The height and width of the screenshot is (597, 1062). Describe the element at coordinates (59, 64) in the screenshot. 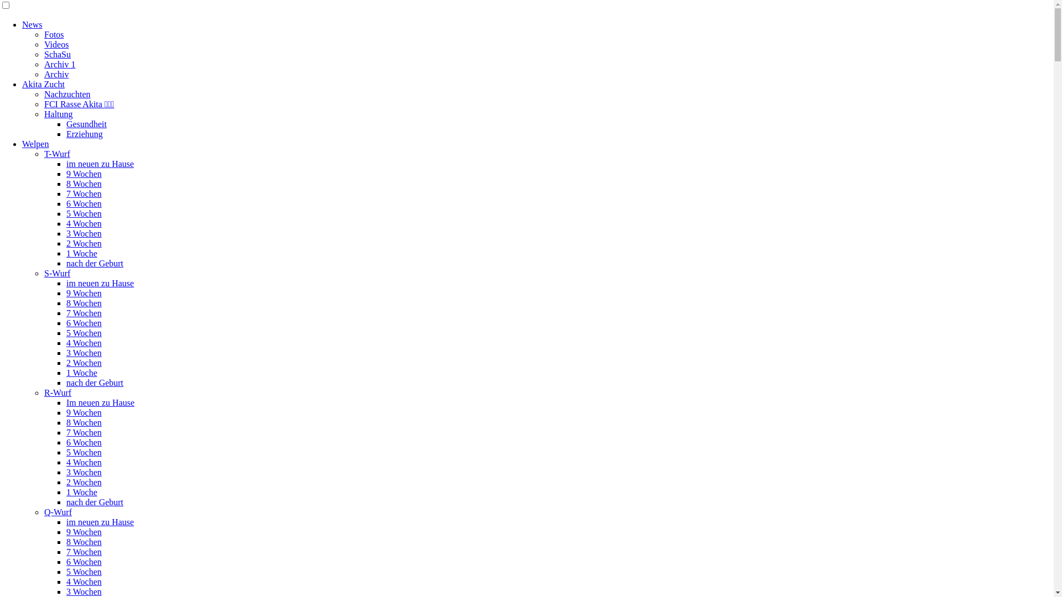

I see `'Archiv 1'` at that location.